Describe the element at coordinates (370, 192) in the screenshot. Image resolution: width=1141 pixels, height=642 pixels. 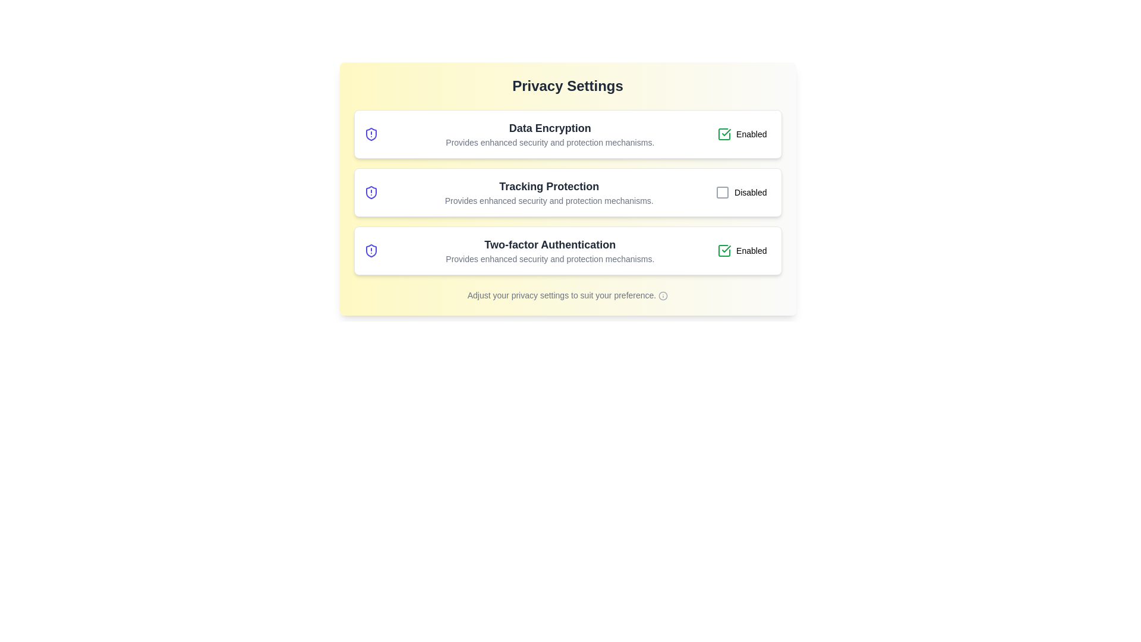
I see `the details of the 'Tracking Protection' icon, which is a shield with an alert symbol indicating issues requiring special attention, located in the central card of the 'Privacy Settings' section` at that location.